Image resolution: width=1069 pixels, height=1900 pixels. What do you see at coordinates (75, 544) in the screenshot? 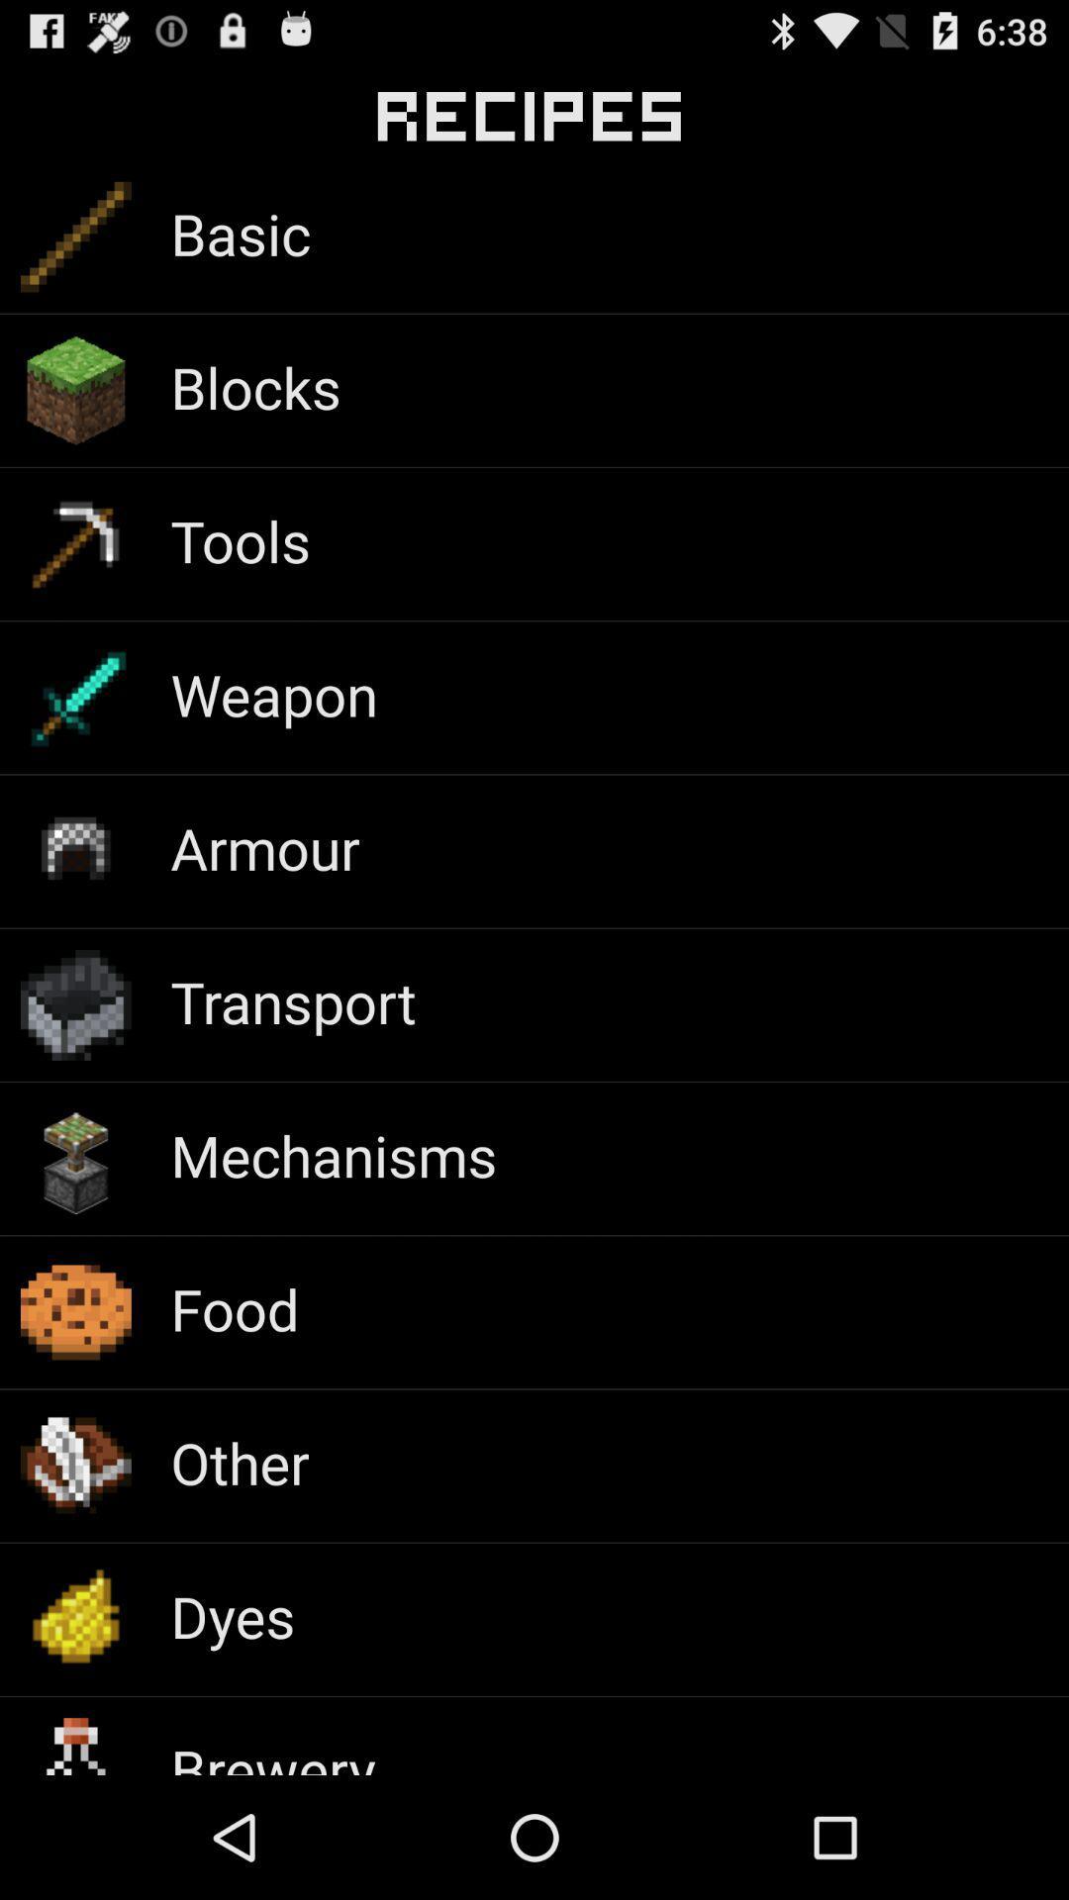
I see `symbol beside tools` at bounding box center [75, 544].